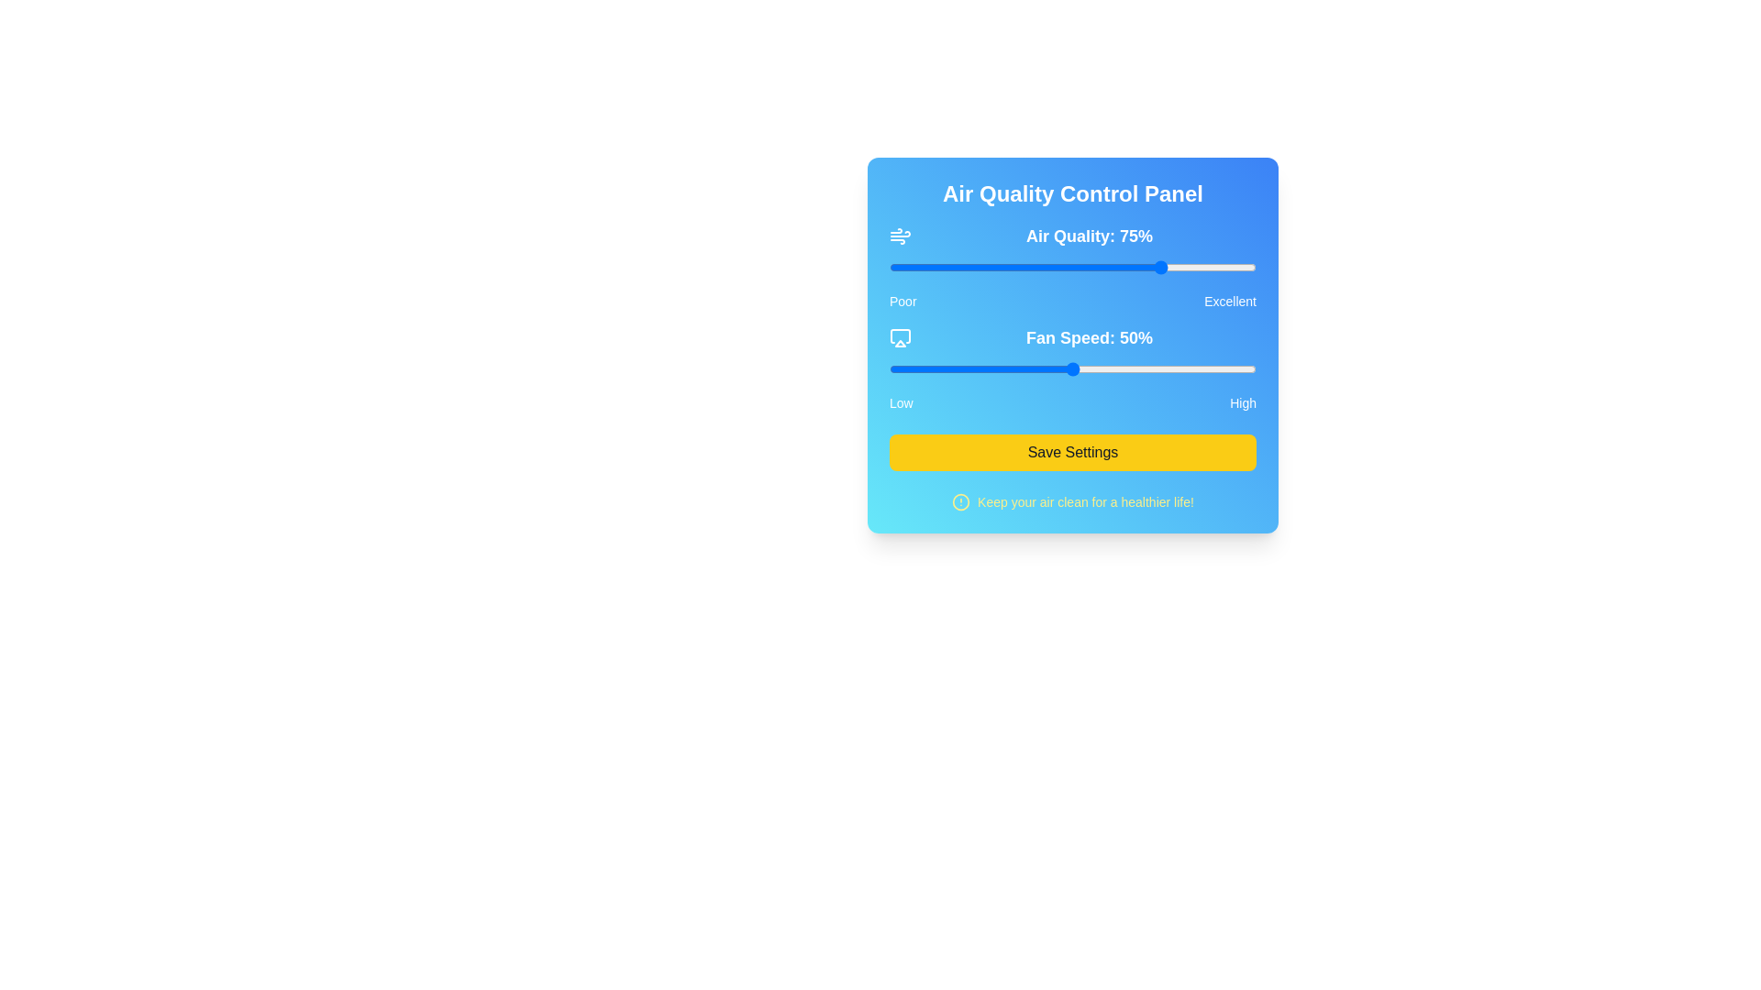 This screenshot has width=1761, height=990. What do you see at coordinates (1086, 501) in the screenshot?
I see `motivational text located at the bottom of the UI panel, positioned to the right of an icon depicting a circle with a line inside` at bounding box center [1086, 501].